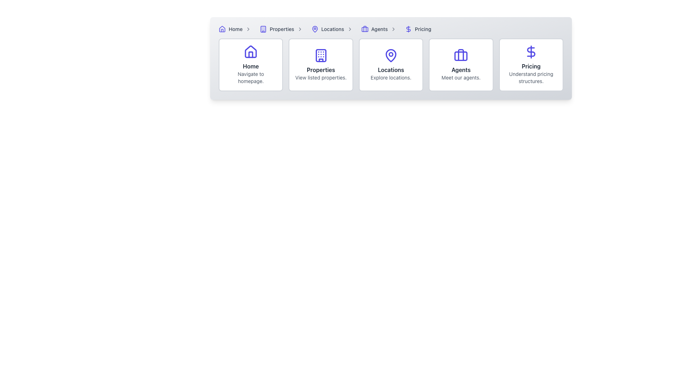  I want to click on the 'Properties' icon in the navigation bar, which is a rectangular shape styled with clean edges and purple tones, so click(263, 29).